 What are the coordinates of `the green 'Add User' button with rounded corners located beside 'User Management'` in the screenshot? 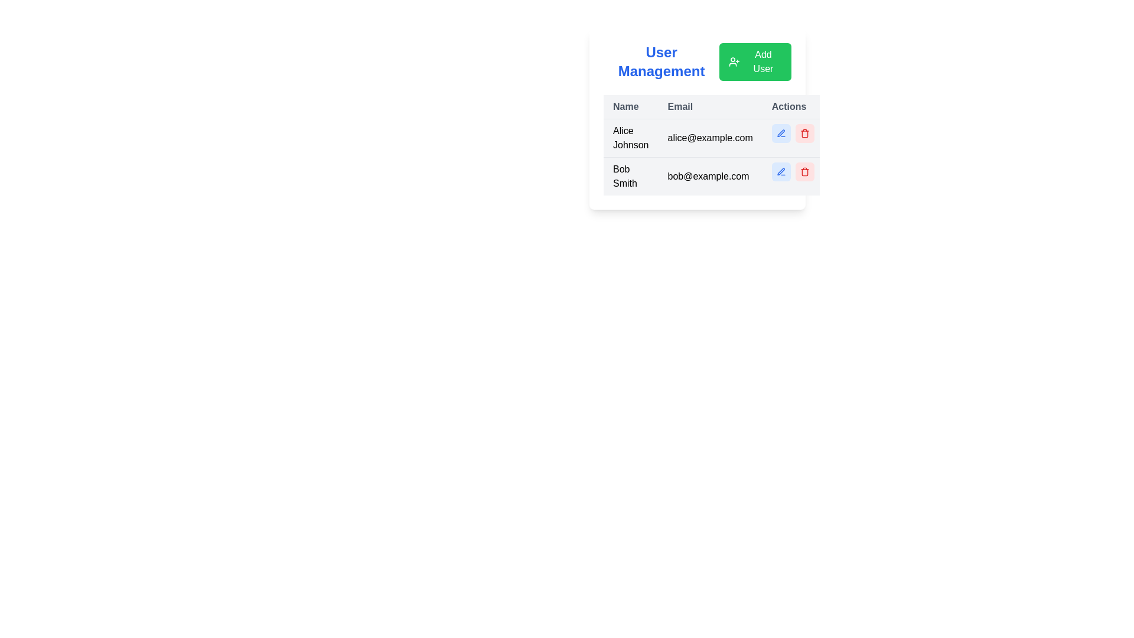 It's located at (755, 61).